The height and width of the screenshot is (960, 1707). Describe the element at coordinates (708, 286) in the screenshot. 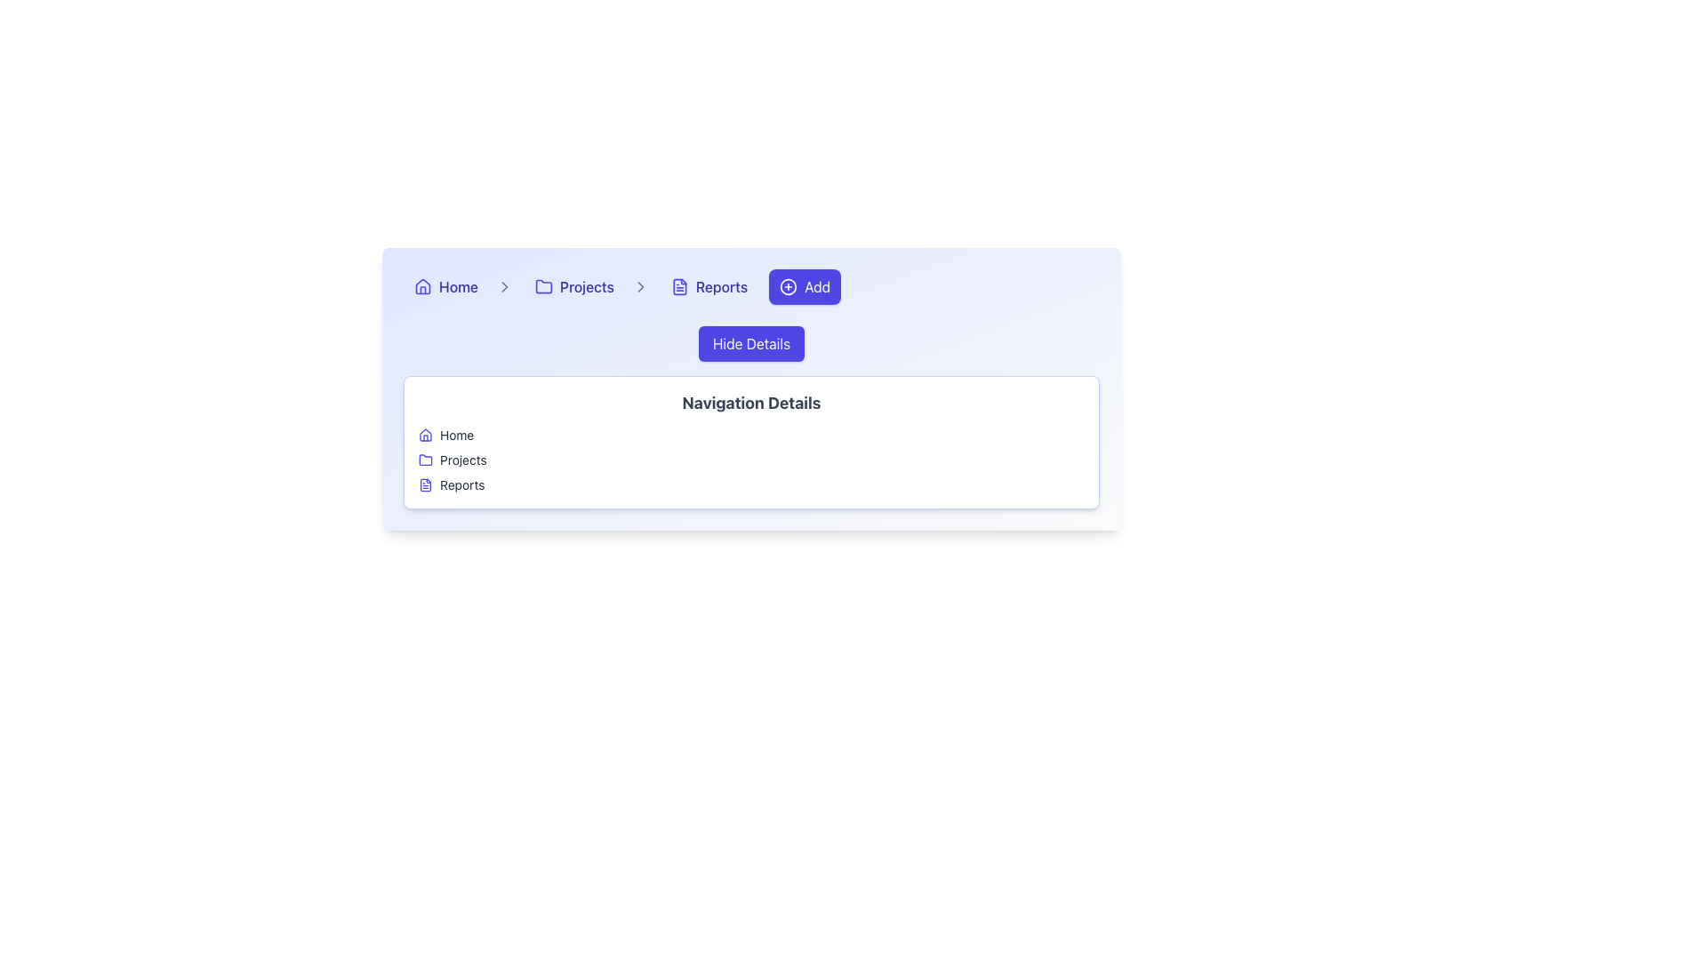

I see `the 'Reports' text in the Breadcrumb navigation item` at that location.